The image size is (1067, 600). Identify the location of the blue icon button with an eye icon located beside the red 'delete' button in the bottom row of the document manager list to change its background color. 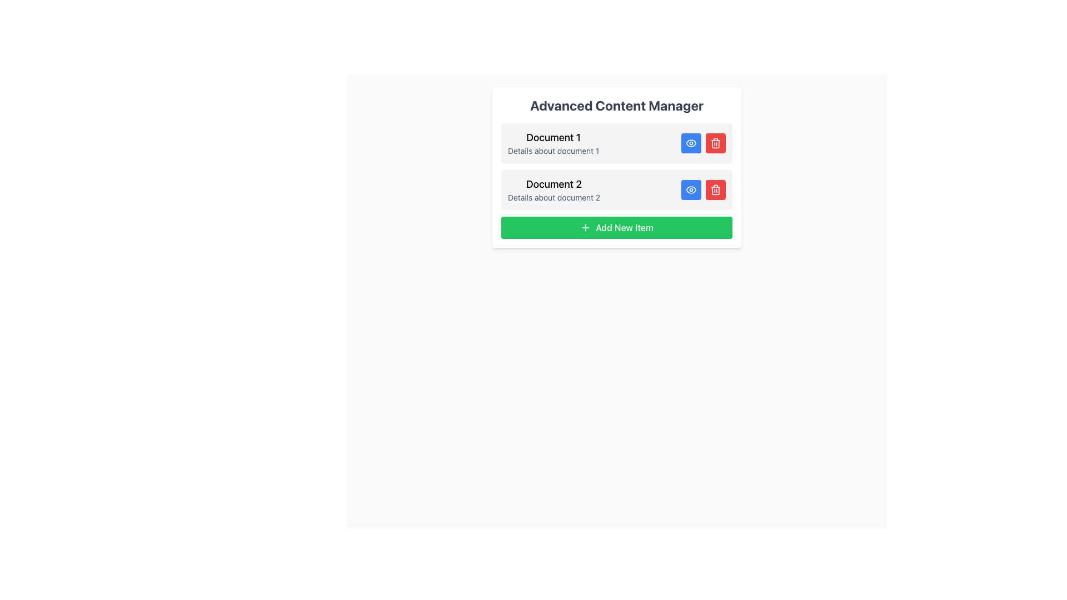
(690, 189).